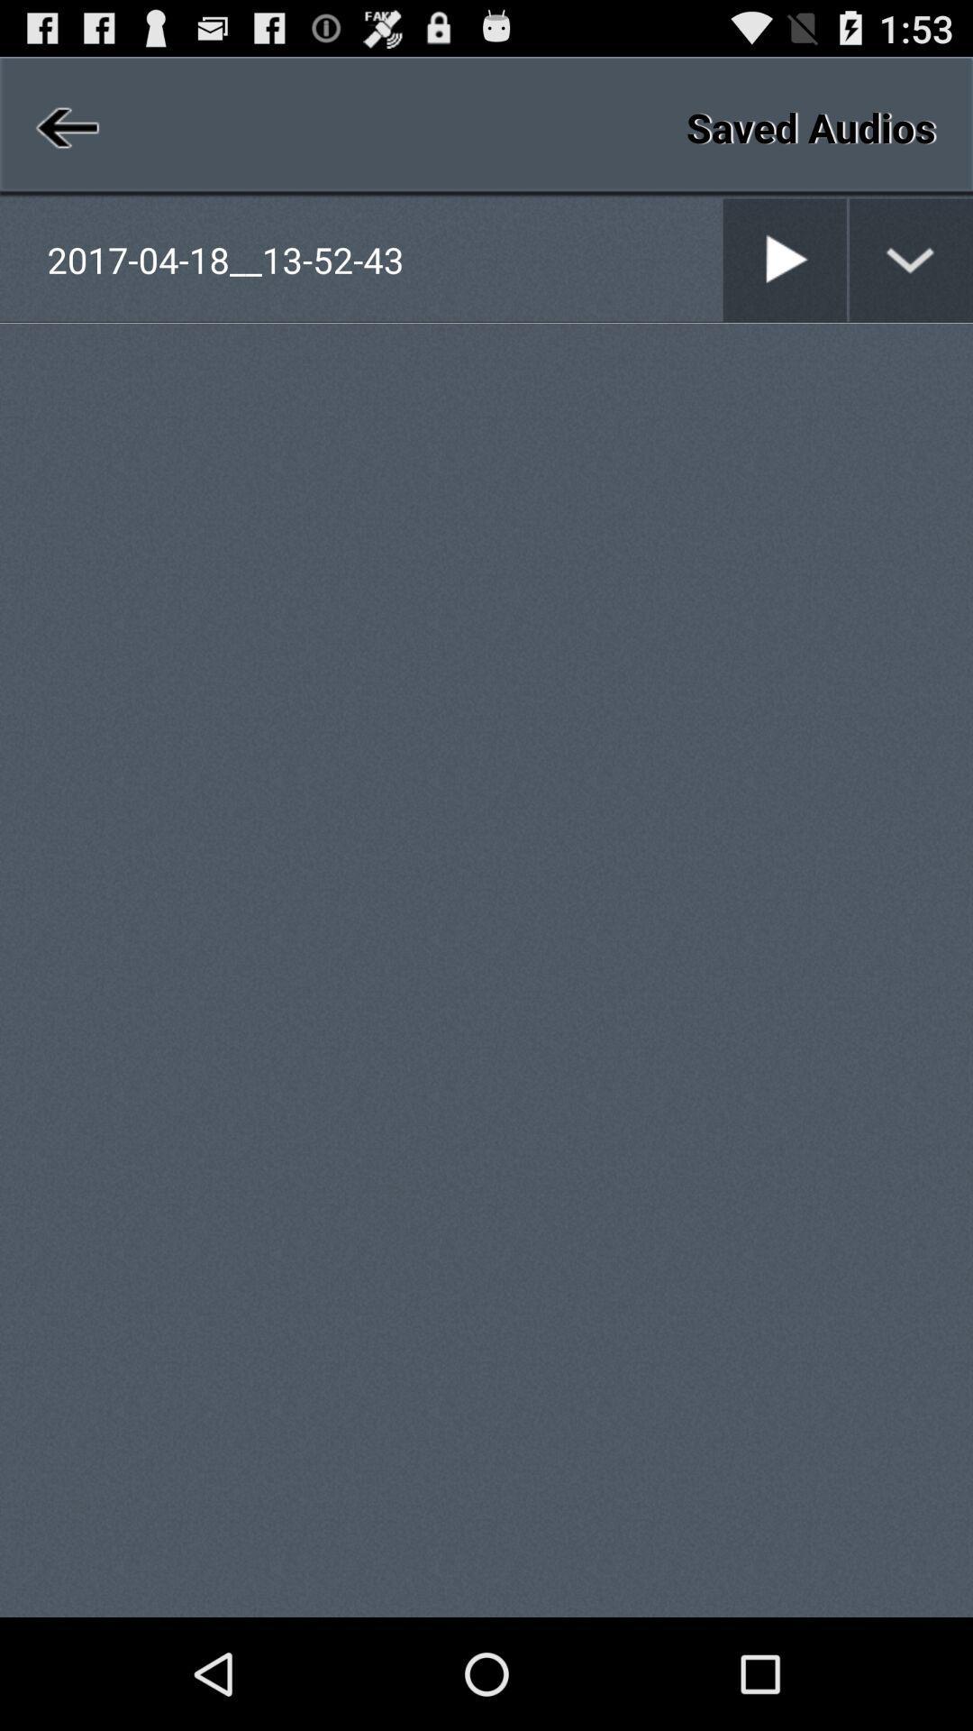 The image size is (973, 1731). I want to click on the 2017 04 18__13 at the top, so click(382, 259).